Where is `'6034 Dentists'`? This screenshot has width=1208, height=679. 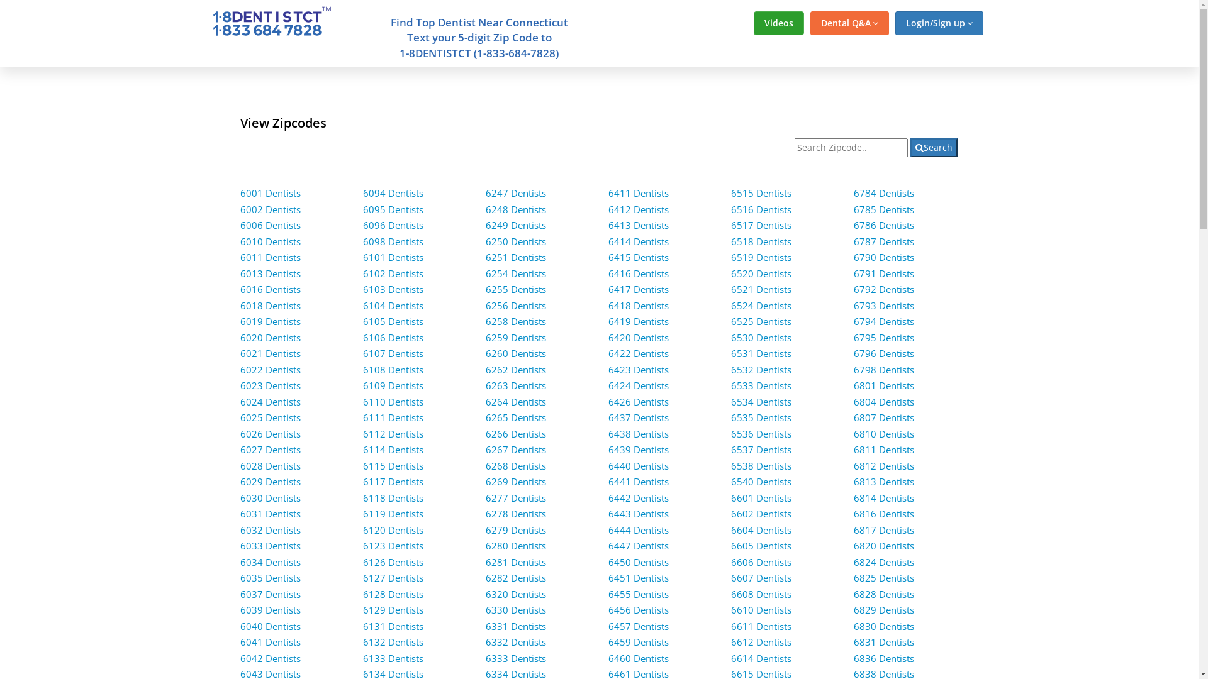 '6034 Dentists' is located at coordinates (270, 561).